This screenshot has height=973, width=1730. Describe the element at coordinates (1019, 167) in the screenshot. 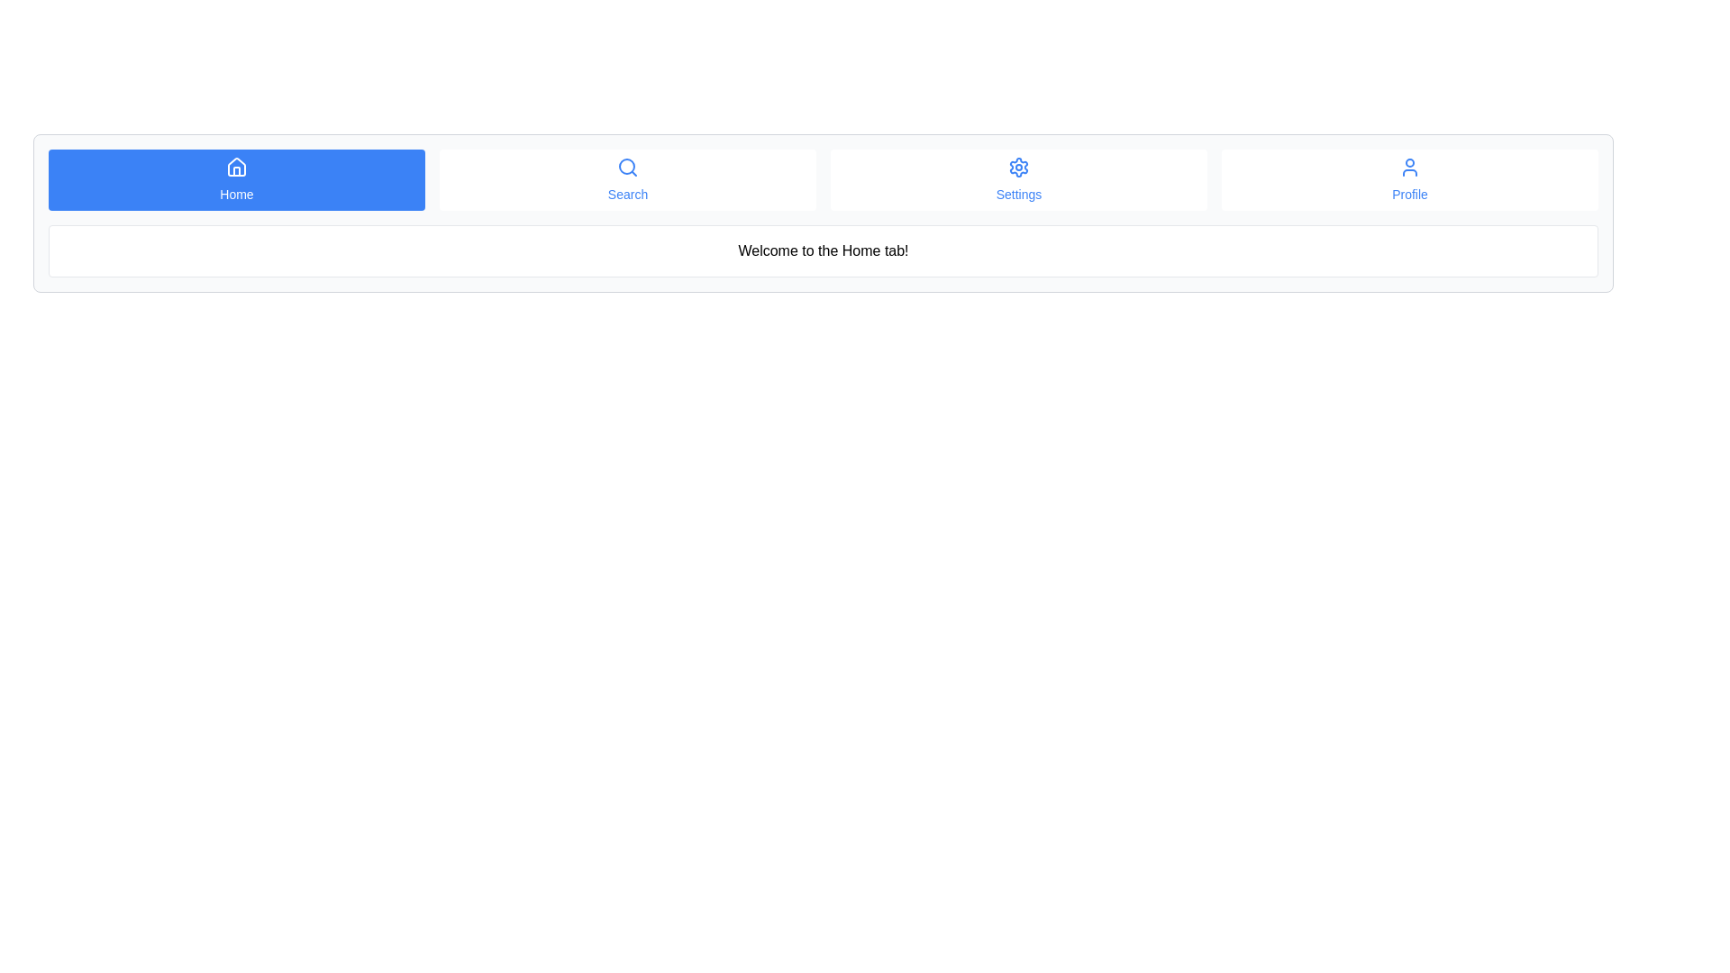

I see `the blue gear icon in the 'Settings' navigation button, which is centrally aligned above the 'Settings' text` at that location.